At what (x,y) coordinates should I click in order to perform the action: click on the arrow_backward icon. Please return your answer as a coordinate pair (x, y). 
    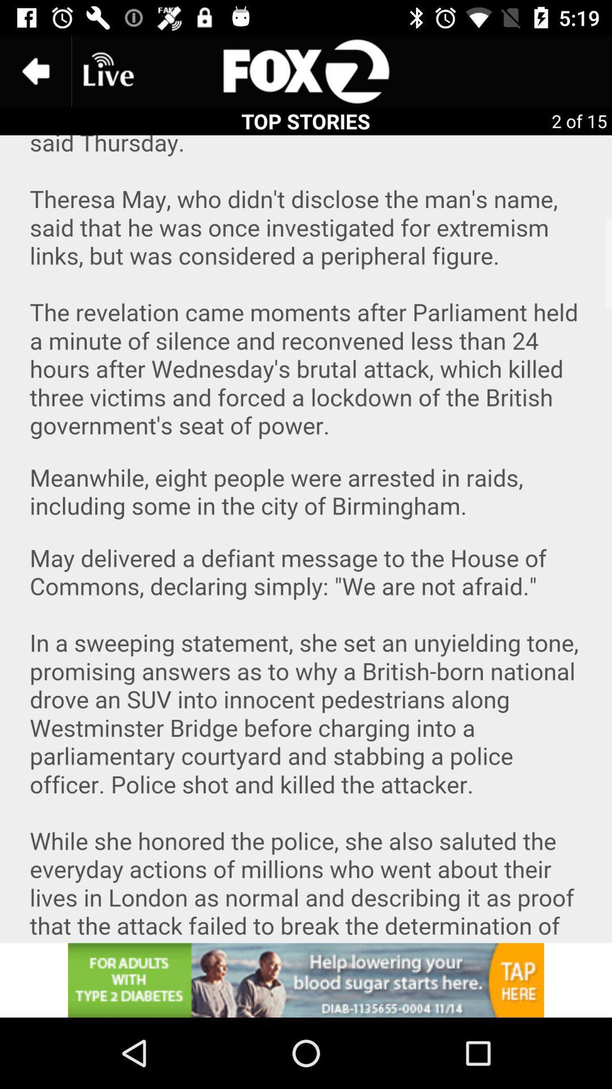
    Looking at the image, I should click on (35, 70).